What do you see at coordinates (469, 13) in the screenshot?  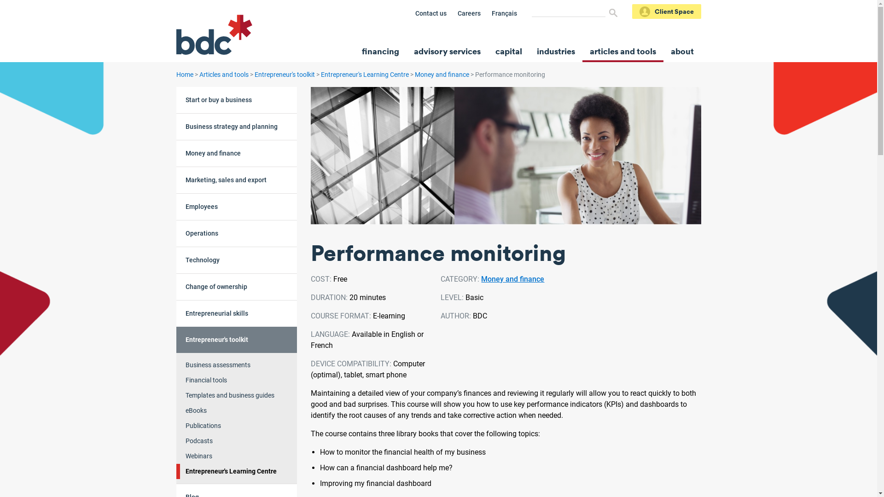 I see `'Careers'` at bounding box center [469, 13].